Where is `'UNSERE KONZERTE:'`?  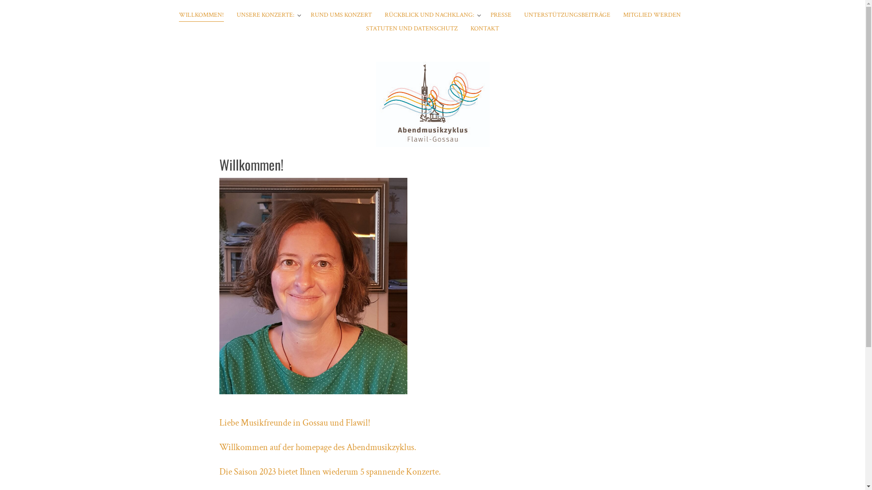
'UNSERE KONZERTE:' is located at coordinates (237, 15).